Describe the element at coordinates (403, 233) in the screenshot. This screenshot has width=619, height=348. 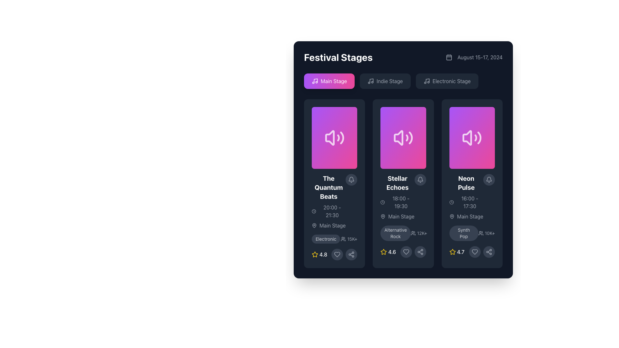
I see `the text label indicating the music genre in the 'Stellar Echoes' card, located below '18:00 - 19:30' and 'Main Stage'` at that location.